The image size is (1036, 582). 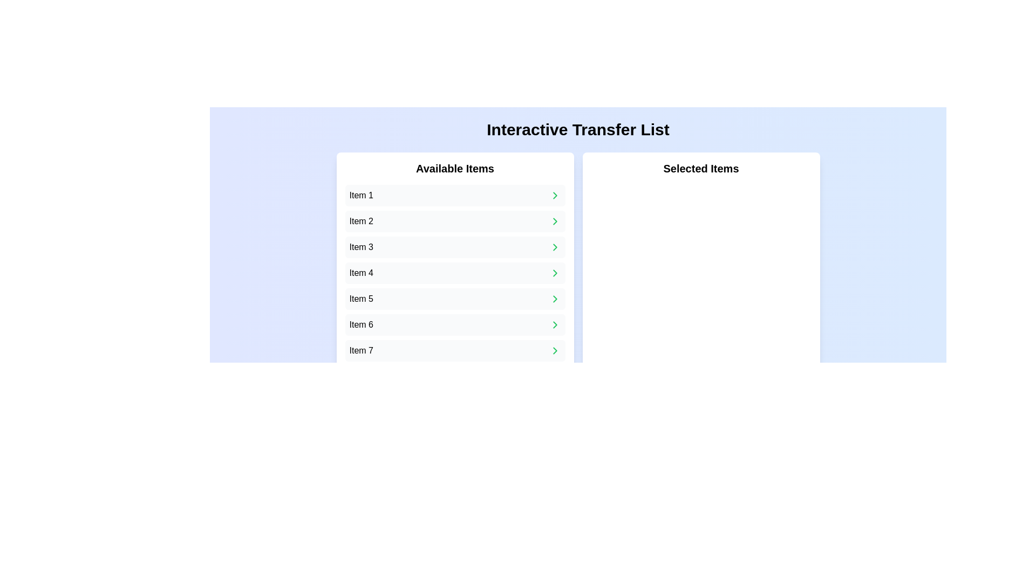 What do you see at coordinates (555, 324) in the screenshot?
I see `the interactive icon located at the far right of the 'Item 6' row in the 'Available Items' list` at bounding box center [555, 324].